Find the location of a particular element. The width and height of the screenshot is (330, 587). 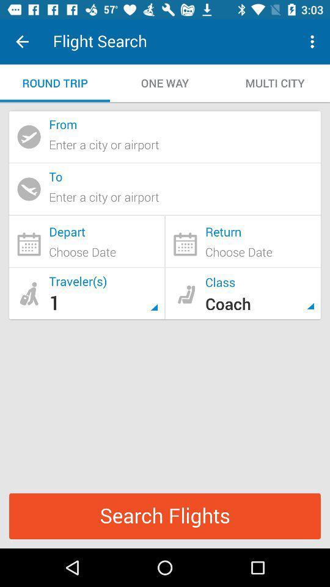

icon to the left of multi city icon is located at coordinates (165, 83).